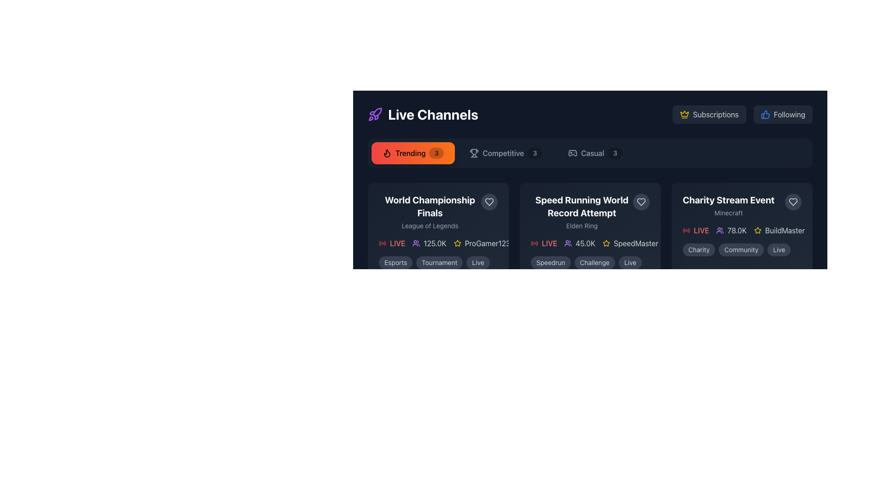  Describe the element at coordinates (742, 230) in the screenshot. I see `the viewer count displayed in the Composite informational label of the 'Charity Stream Event' card, which is located under the title text and above the tag buttons` at that location.